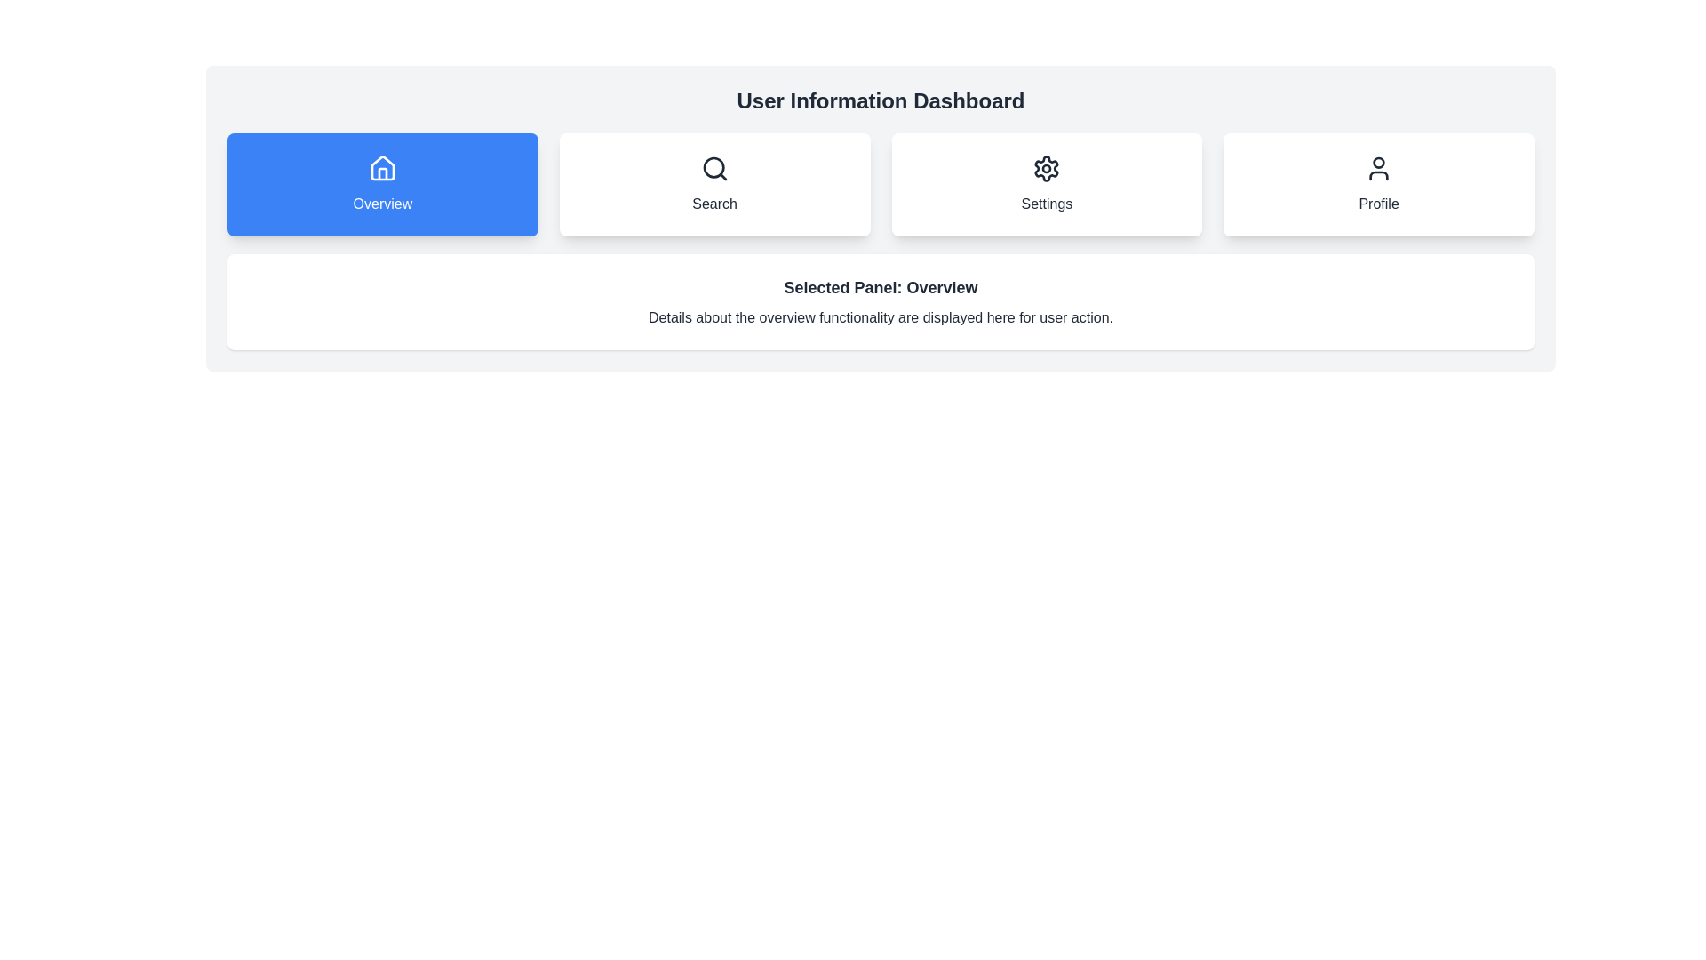 The image size is (1706, 960). Describe the element at coordinates (1047, 168) in the screenshot. I see `the 'Settings' icon located in the button group beneath the 'User Information Dashboard'` at that location.